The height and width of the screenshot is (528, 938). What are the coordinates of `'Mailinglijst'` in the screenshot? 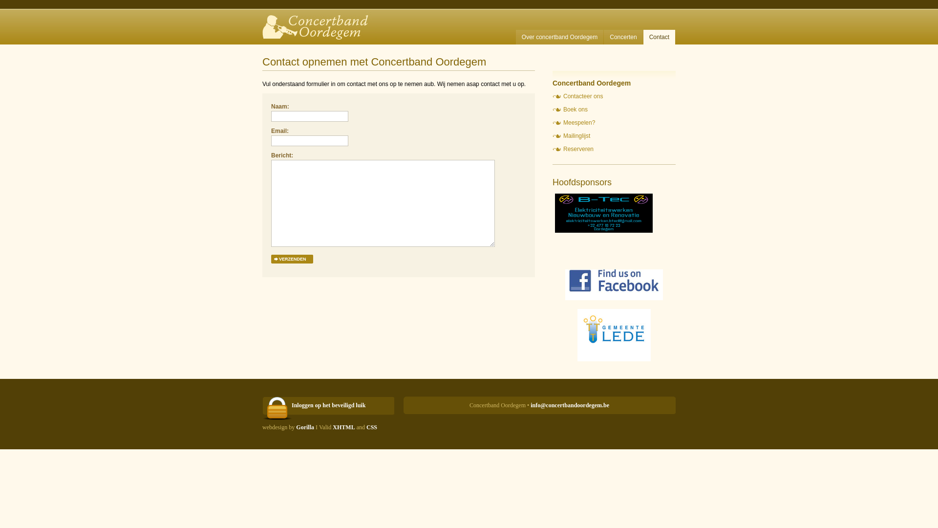 It's located at (553, 135).